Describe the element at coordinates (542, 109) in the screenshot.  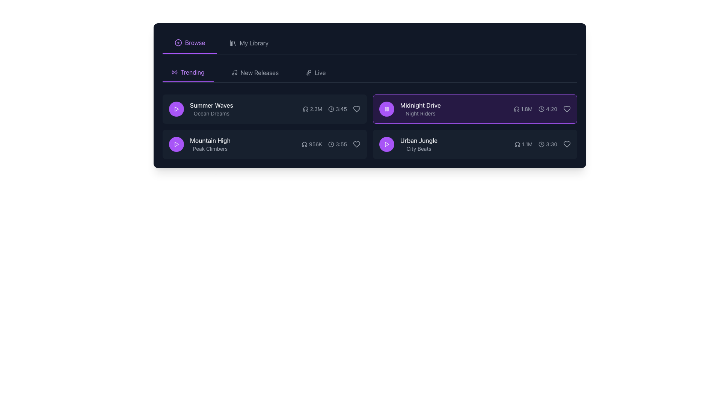
I see `the duration indicator for the music track 'Midnight Drive' by 'Night Riders', which displays the time '4:20' beside a clock icon on a dark purple background` at that location.